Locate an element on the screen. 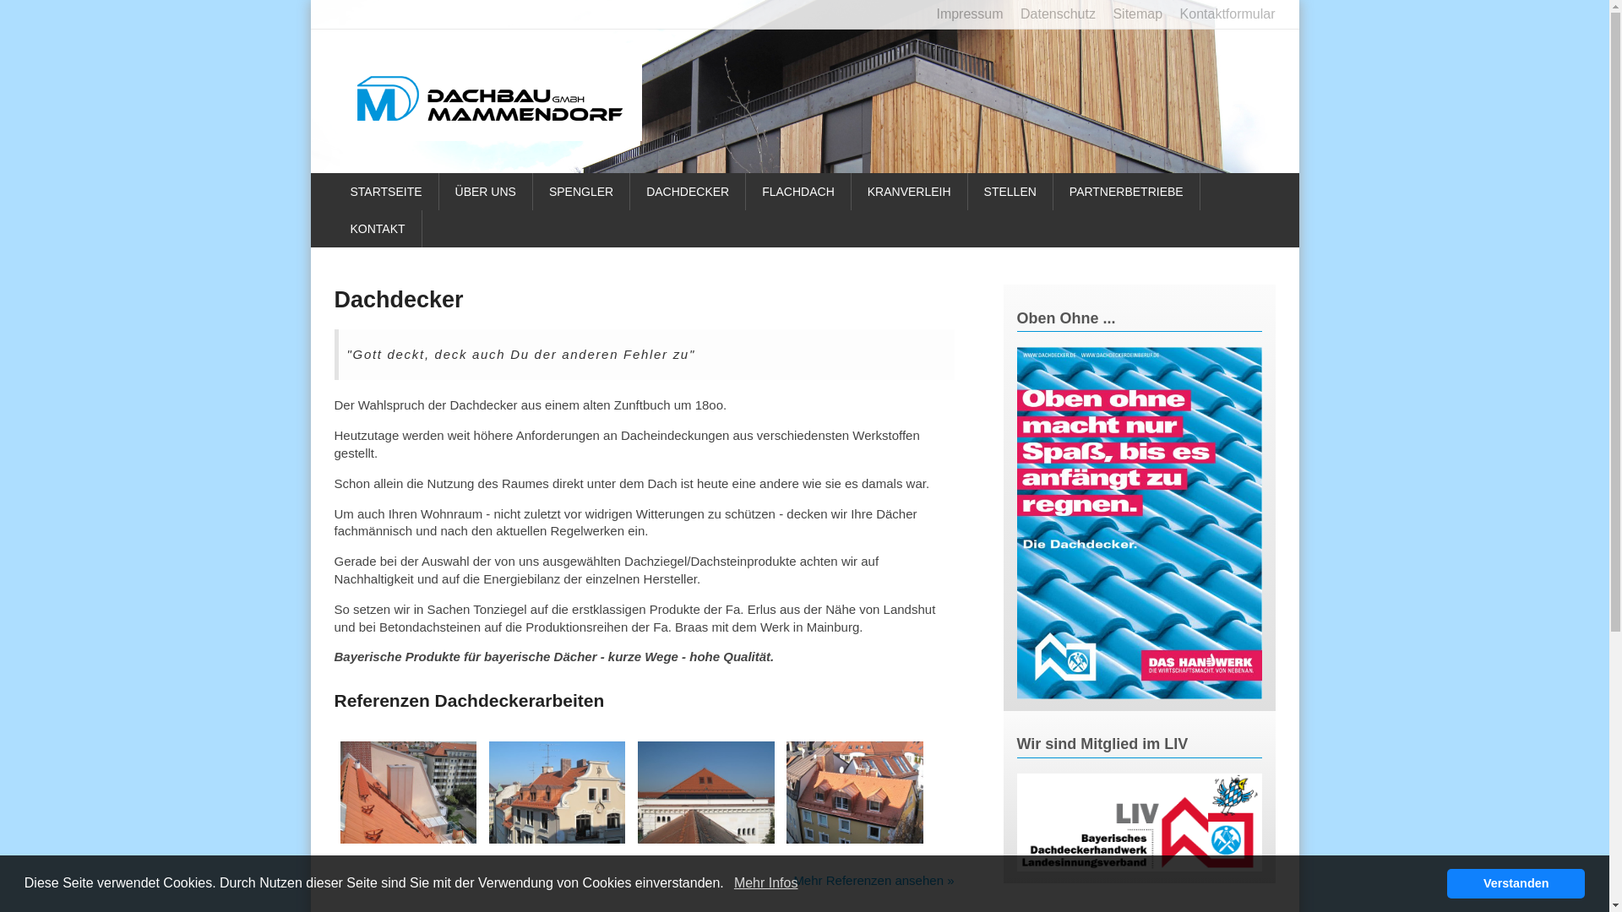 This screenshot has height=912, width=1622. 'Bildergalerie Referenzen' is located at coordinates (705, 839).